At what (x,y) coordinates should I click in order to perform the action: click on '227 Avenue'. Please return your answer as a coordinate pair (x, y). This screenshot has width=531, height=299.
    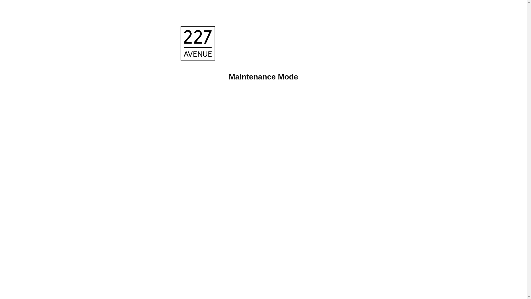
    Looking at the image, I should click on (199, 44).